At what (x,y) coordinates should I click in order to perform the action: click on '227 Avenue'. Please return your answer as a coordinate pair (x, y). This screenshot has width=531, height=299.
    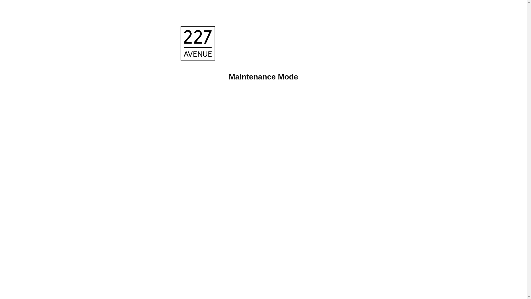
    Looking at the image, I should click on (199, 44).